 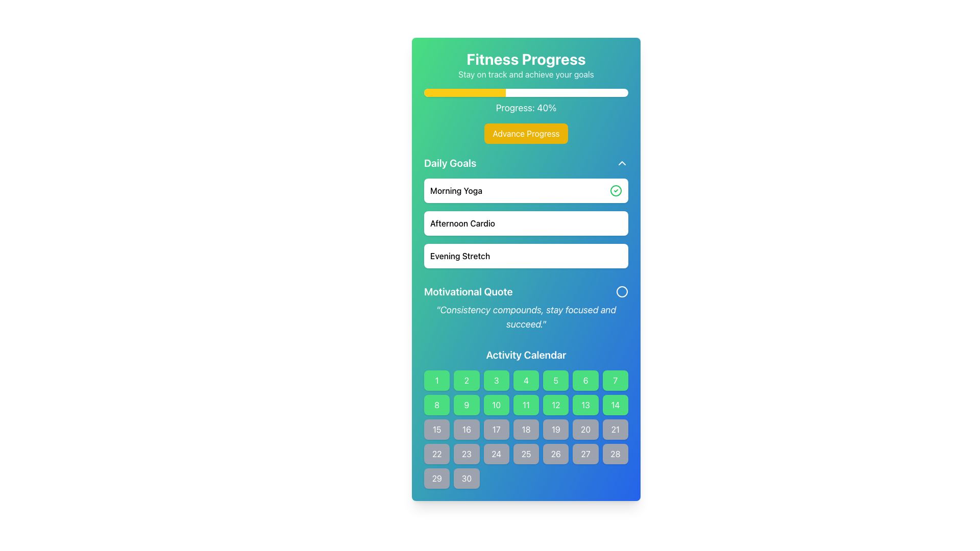 What do you see at coordinates (526, 354) in the screenshot?
I see `the Text Label element that serves as the title for the Activity Calendar, positioned at the top of the calendar section` at bounding box center [526, 354].